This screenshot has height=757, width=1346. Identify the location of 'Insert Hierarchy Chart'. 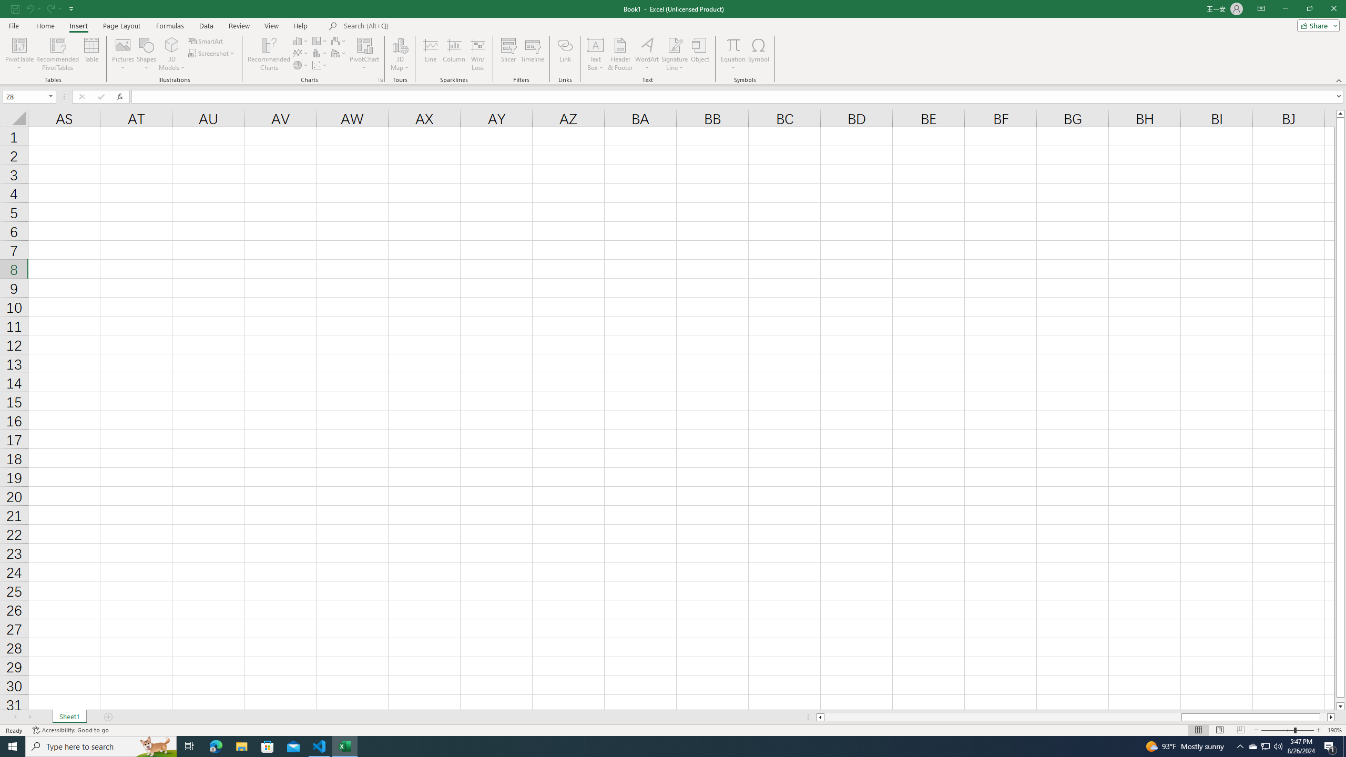
(320, 40).